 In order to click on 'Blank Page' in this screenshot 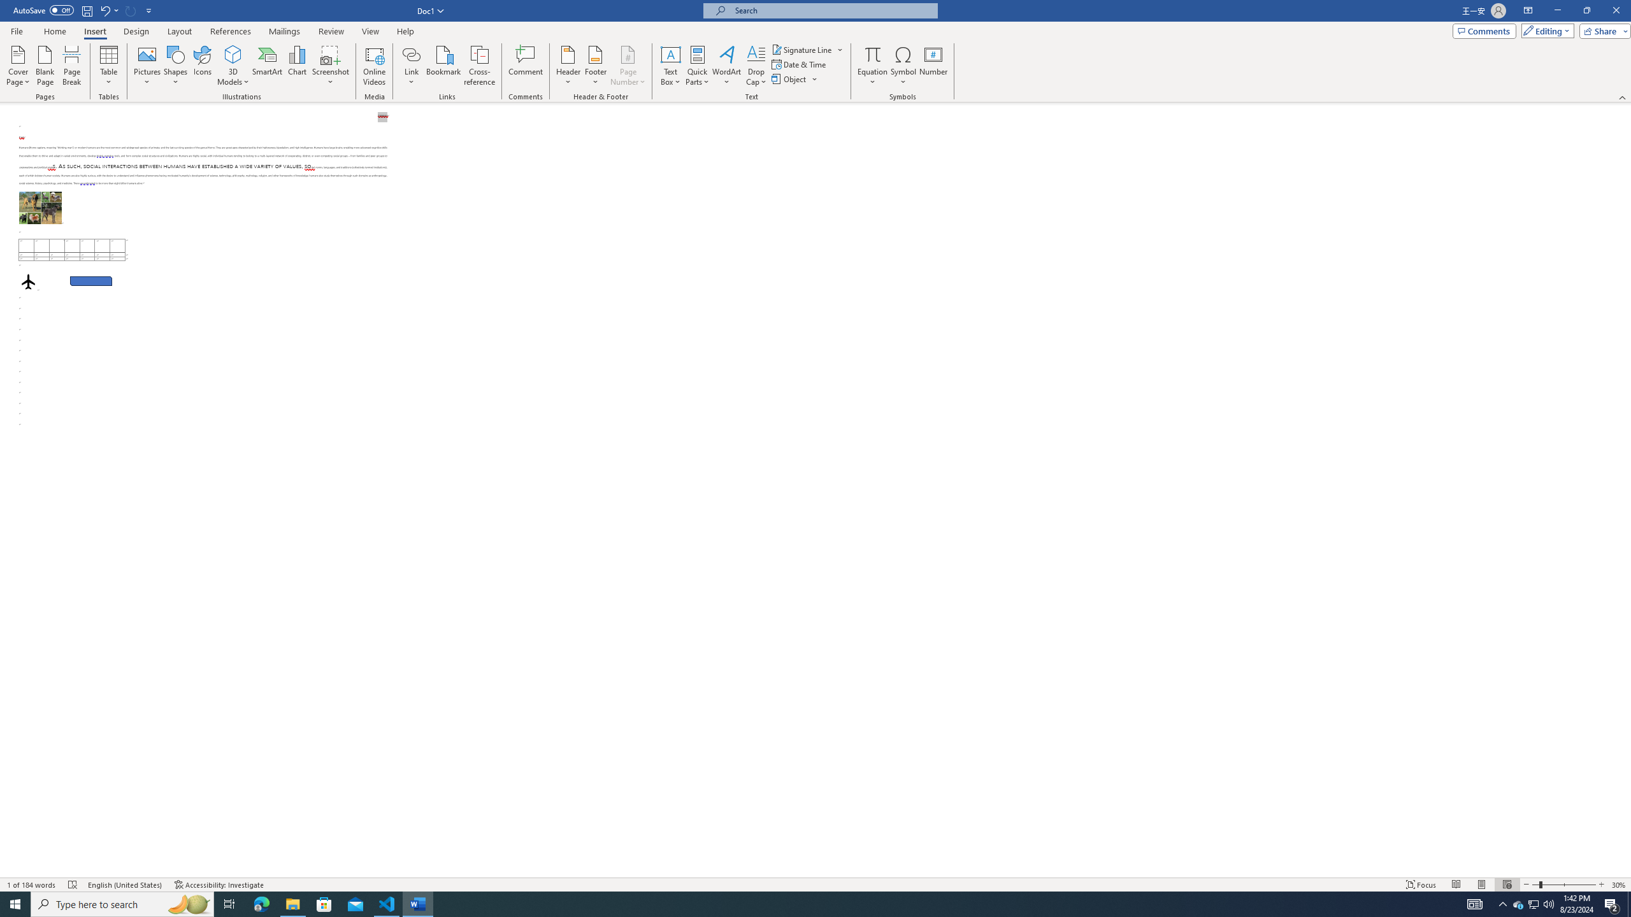, I will do `click(45, 66)`.